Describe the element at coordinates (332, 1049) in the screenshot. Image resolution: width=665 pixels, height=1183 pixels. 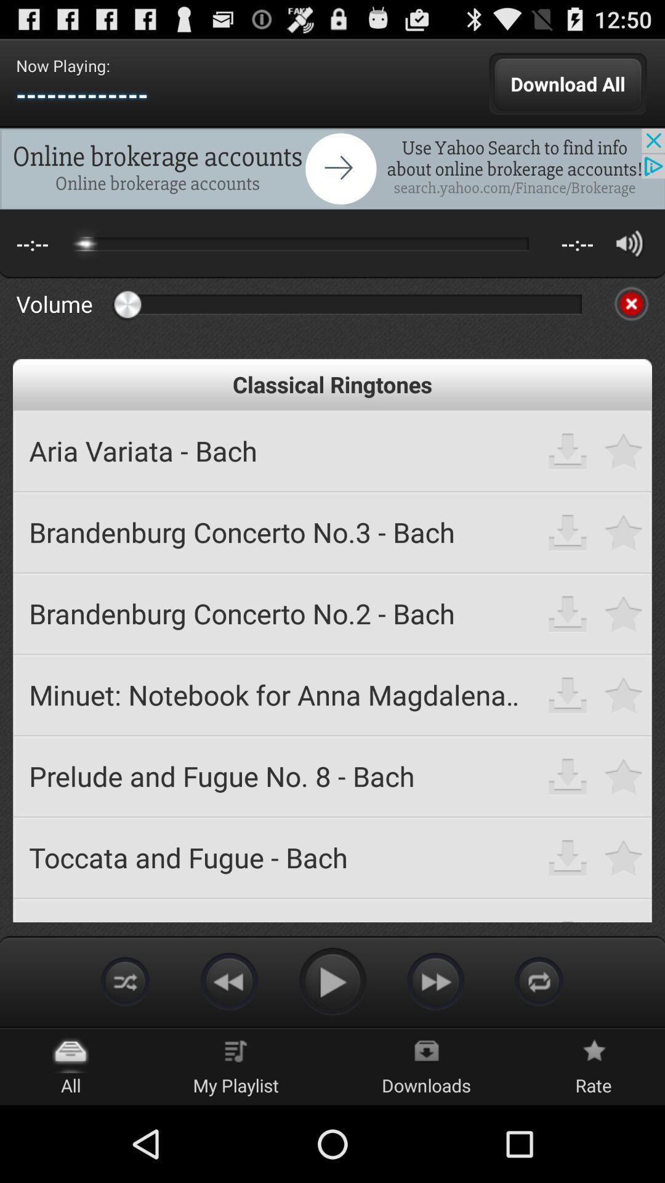
I see `the play icon` at that location.